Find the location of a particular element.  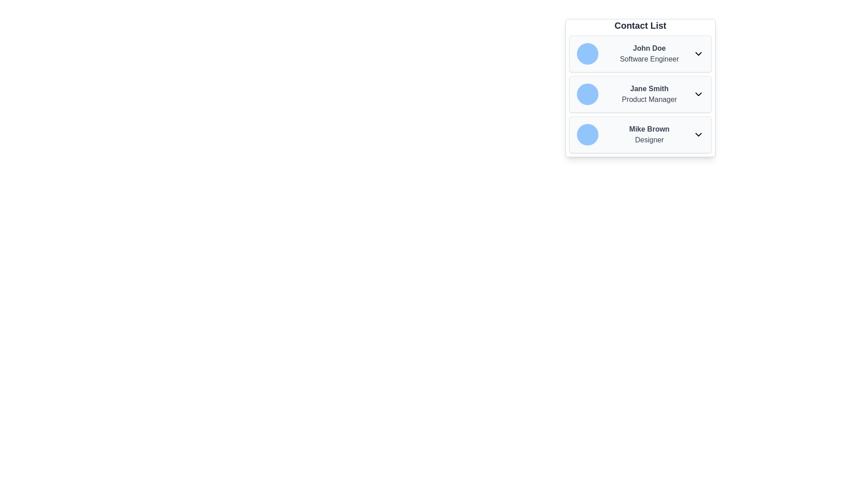

the contact entry displaying 'Mike Brown, Designer' in the contact list, which is the third entry below 'John Doe' and 'Jane Smith' is located at coordinates (640, 135).